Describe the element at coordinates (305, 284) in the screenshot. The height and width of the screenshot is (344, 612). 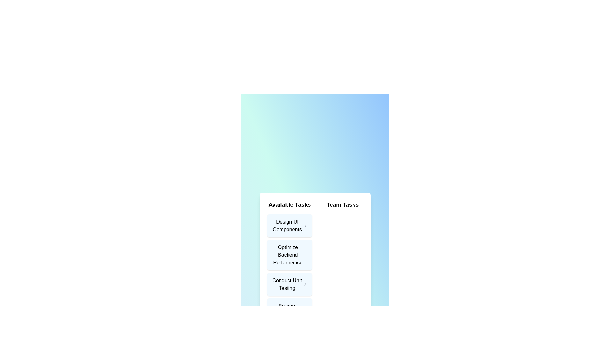
I see `chevron icon next to the task 'Conduct Unit Testing' to move it from 'Team Tasks' to 'Available Tasks'` at that location.